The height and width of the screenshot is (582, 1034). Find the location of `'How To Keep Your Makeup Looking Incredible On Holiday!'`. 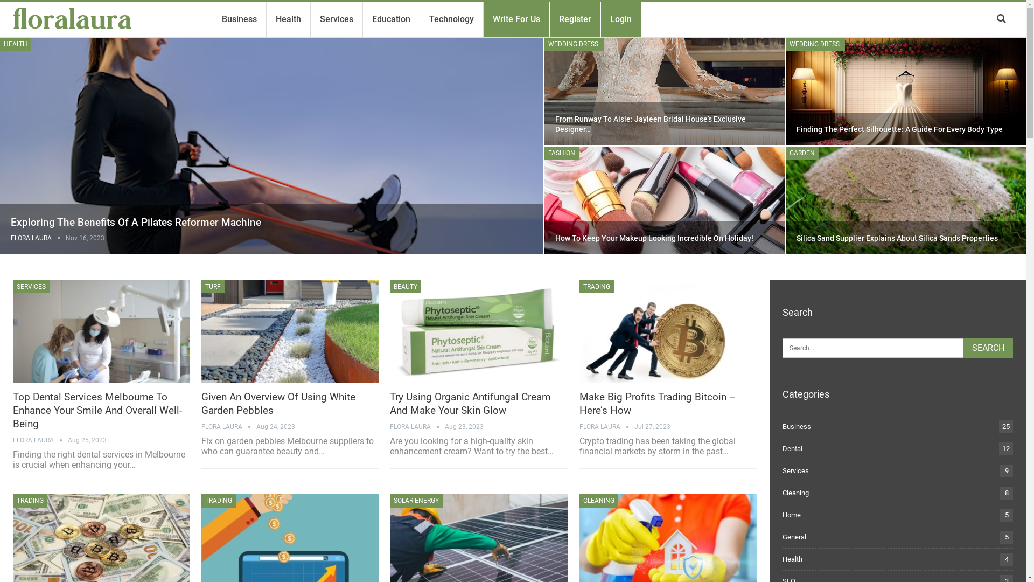

'How To Keep Your Makeup Looking Incredible On Holiday!' is located at coordinates (653, 238).